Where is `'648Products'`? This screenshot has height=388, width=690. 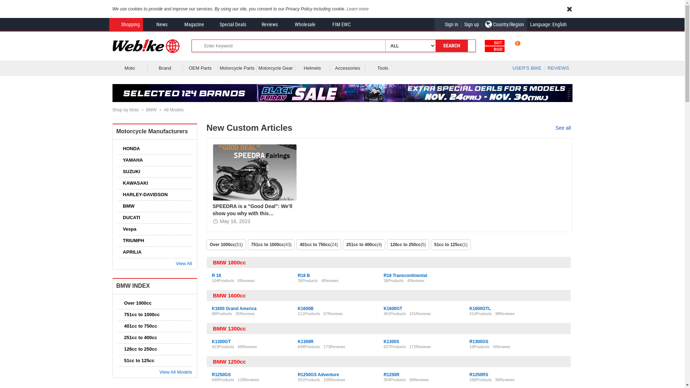 '648Products' is located at coordinates (309, 346).